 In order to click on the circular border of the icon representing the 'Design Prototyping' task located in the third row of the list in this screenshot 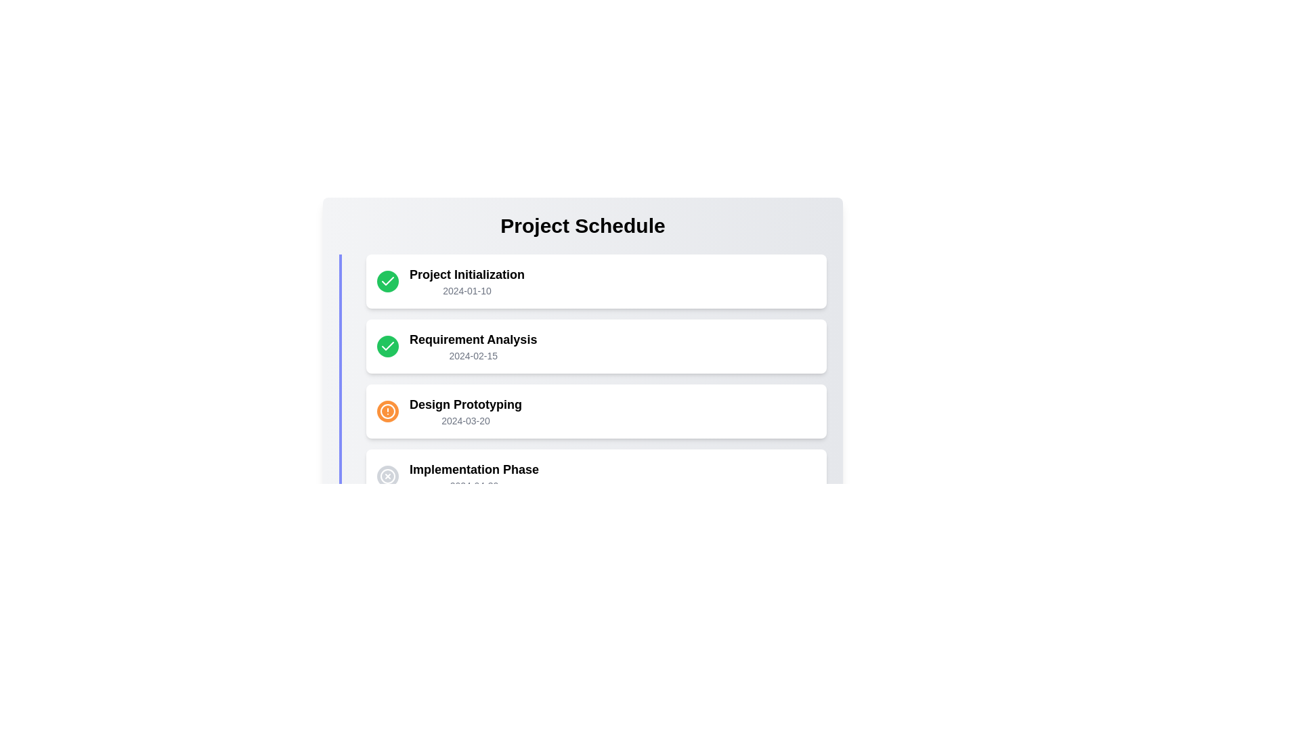, I will do `click(387, 411)`.